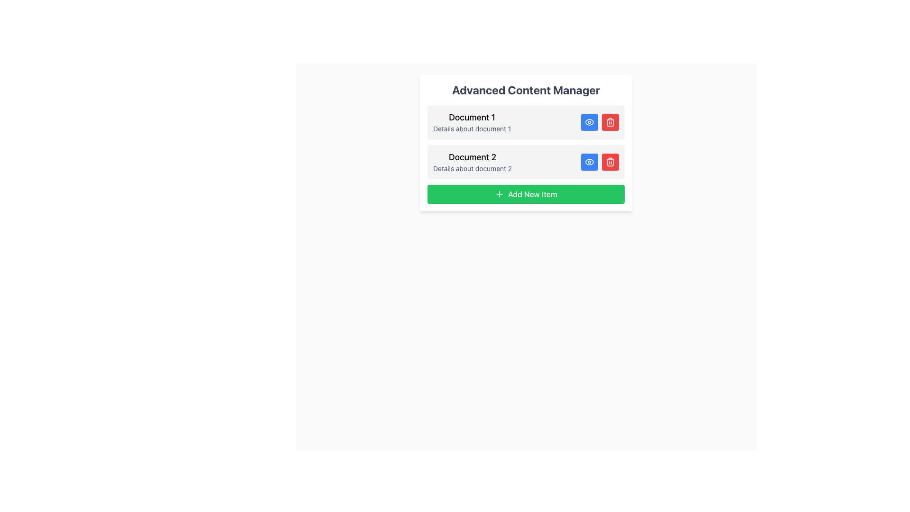  I want to click on the delete button, which is the second button from the right in the tool panel for the second document, located directly to the right of the blue 'eye' button, so click(610, 122).